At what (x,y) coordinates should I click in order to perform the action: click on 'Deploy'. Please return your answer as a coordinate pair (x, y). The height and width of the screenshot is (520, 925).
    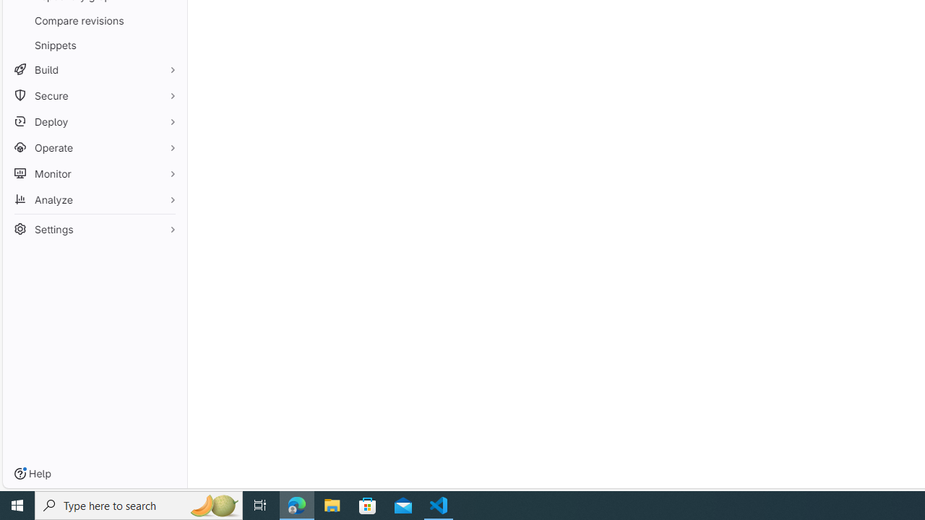
    Looking at the image, I should click on (94, 121).